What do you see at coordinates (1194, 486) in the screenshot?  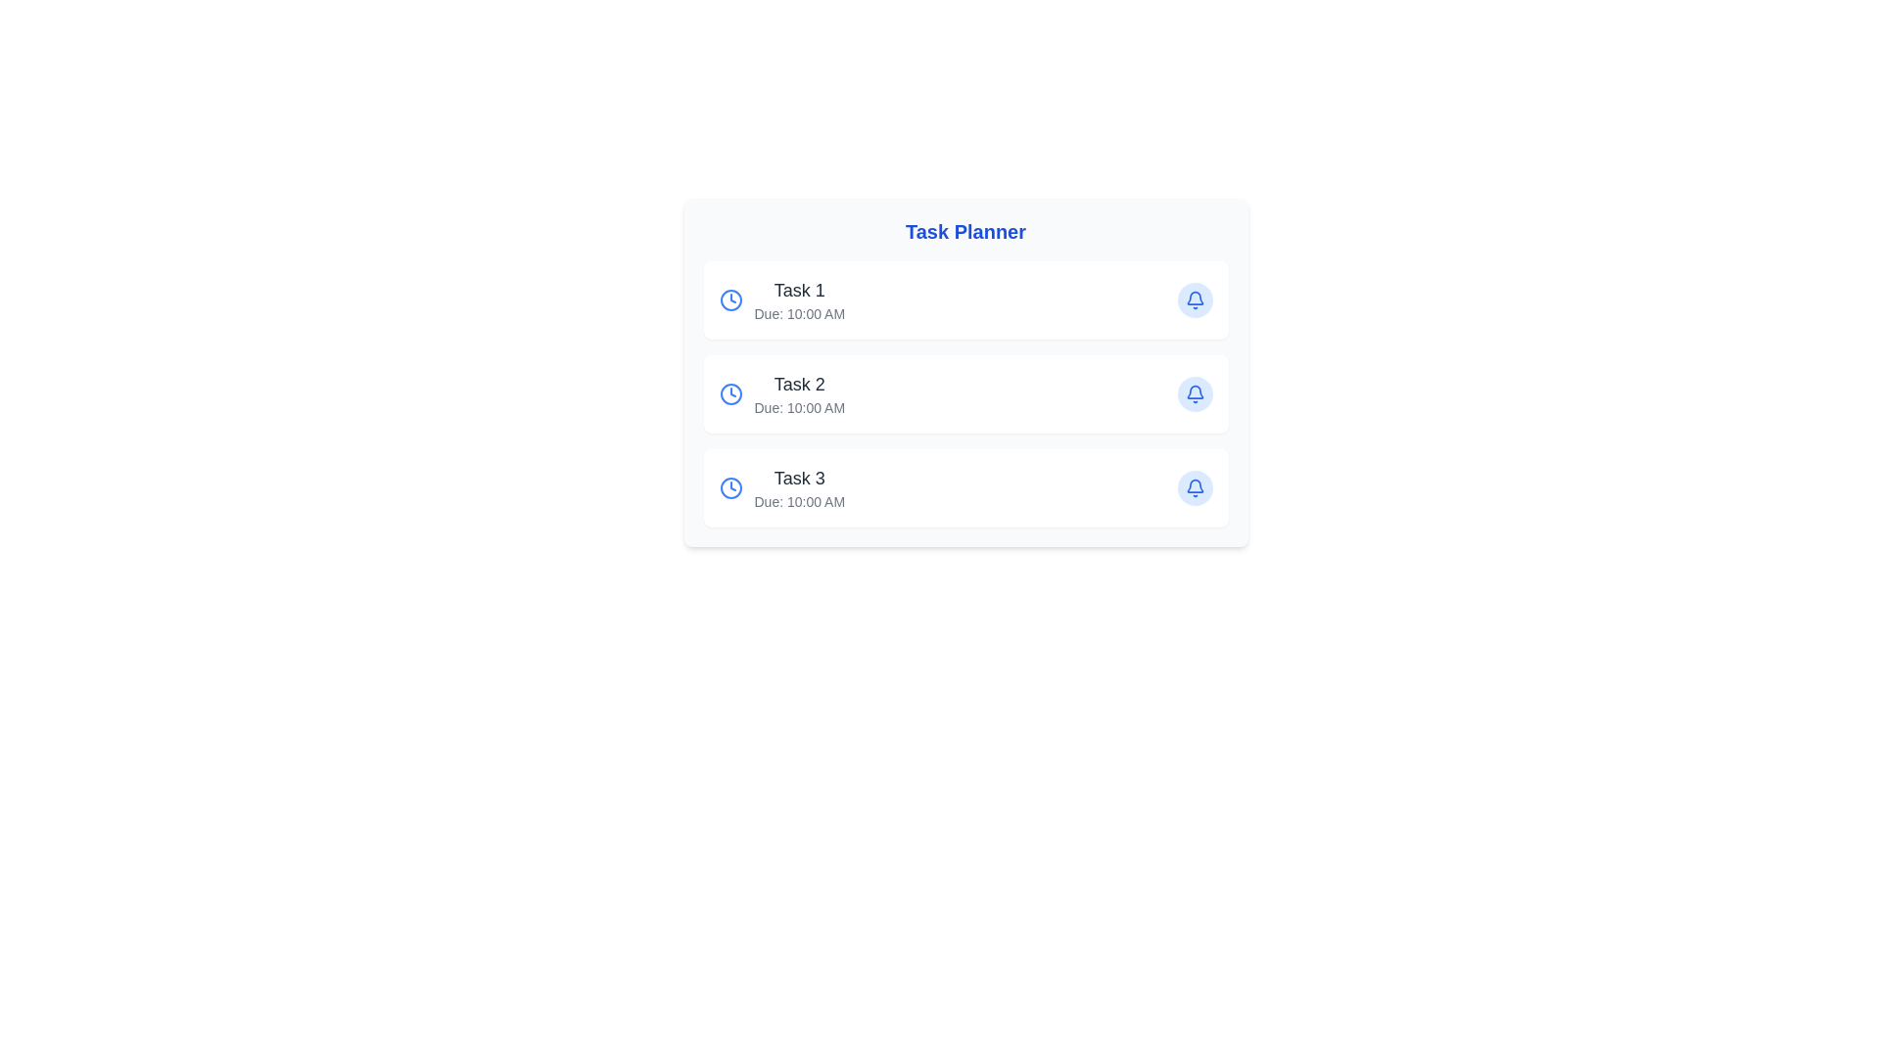 I see `the circular button with a blue bell icon located on the rightmost side of the 'Task 3' card in the task planner interface` at bounding box center [1194, 486].